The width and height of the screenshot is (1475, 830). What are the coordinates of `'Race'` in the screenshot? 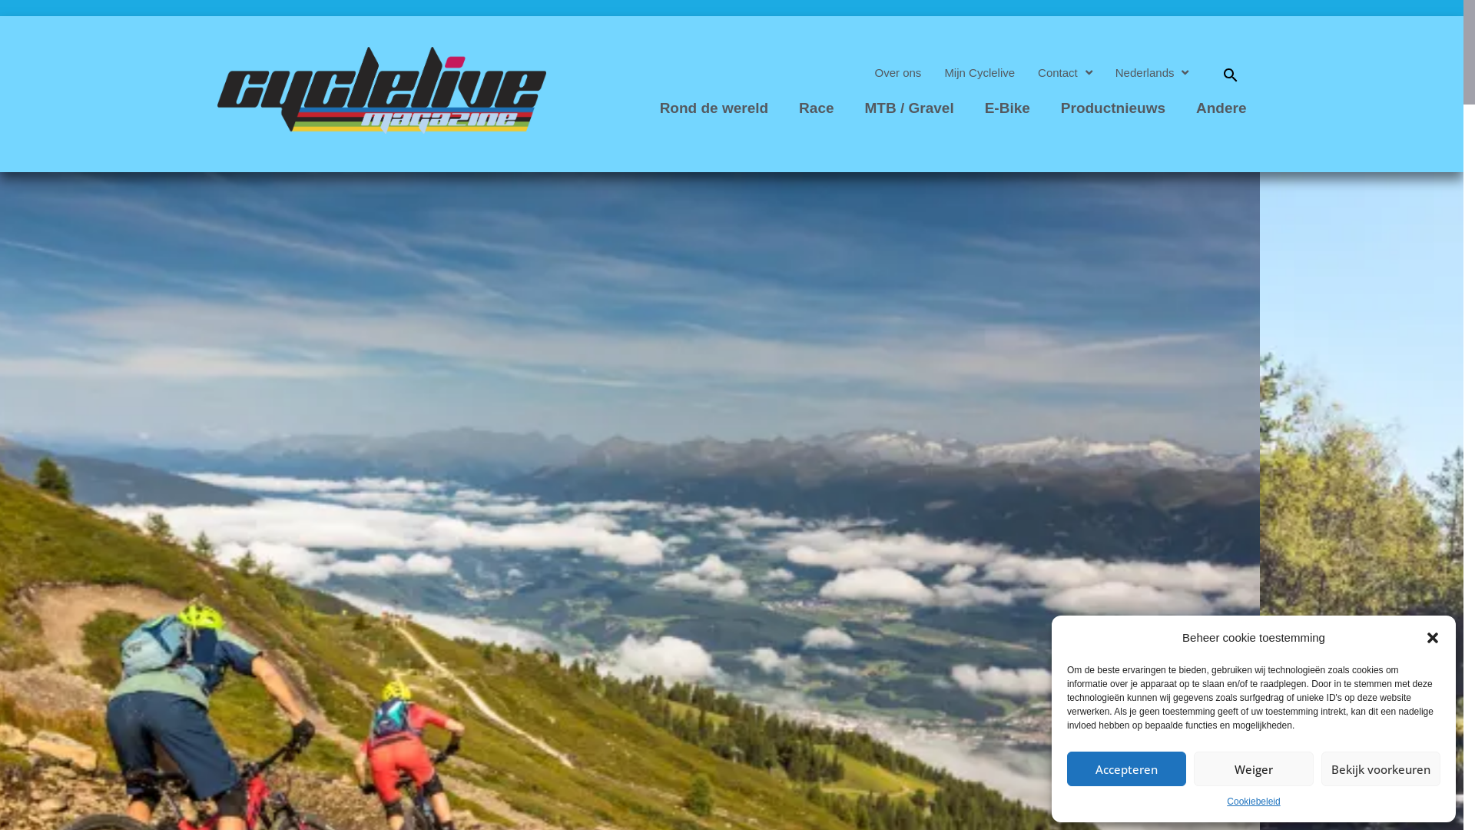 It's located at (787, 108).